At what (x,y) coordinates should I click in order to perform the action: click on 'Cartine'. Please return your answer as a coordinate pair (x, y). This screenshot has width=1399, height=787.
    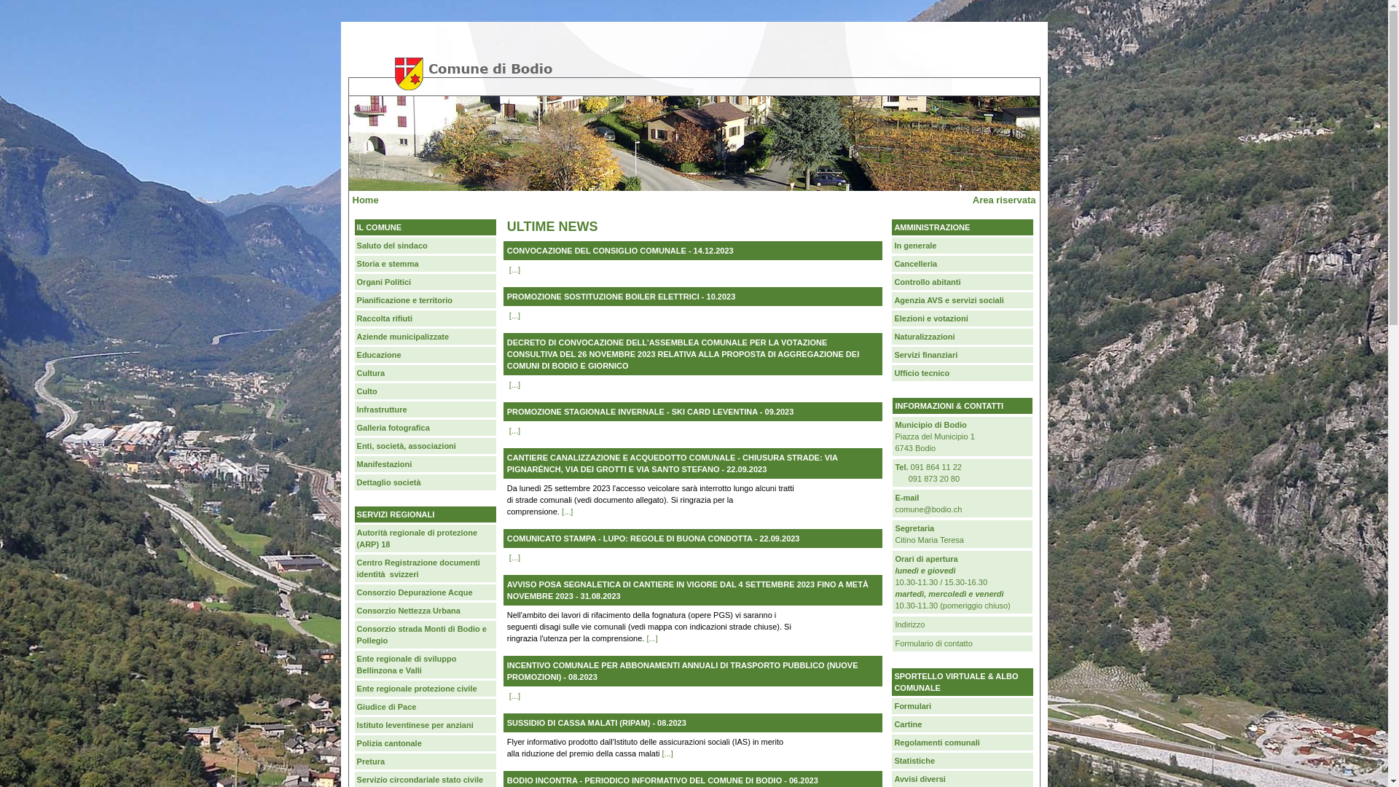
    Looking at the image, I should click on (962, 724).